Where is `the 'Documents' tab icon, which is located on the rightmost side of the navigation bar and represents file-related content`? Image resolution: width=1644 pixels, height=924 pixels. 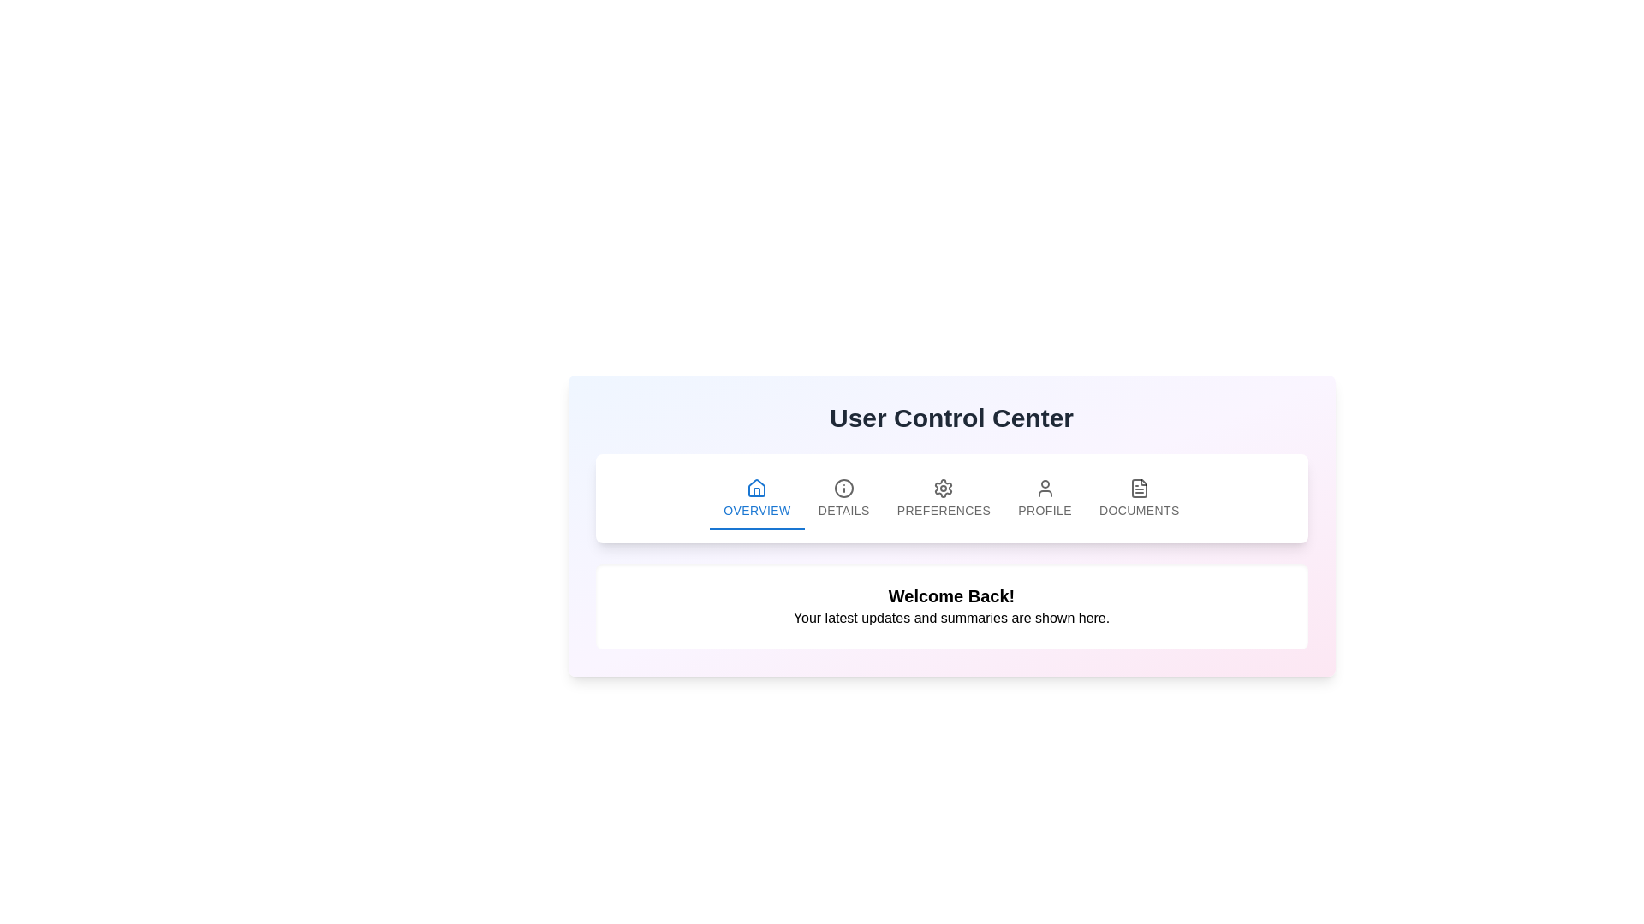 the 'Documents' tab icon, which is located on the rightmost side of the navigation bar and represents file-related content is located at coordinates (1139, 489).